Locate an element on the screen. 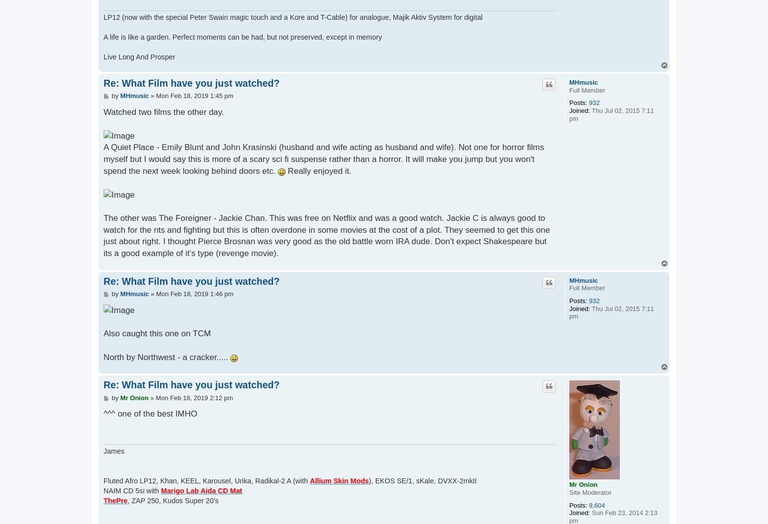 The image size is (768, 524). 'Really enjoyed it.' is located at coordinates (318, 170).